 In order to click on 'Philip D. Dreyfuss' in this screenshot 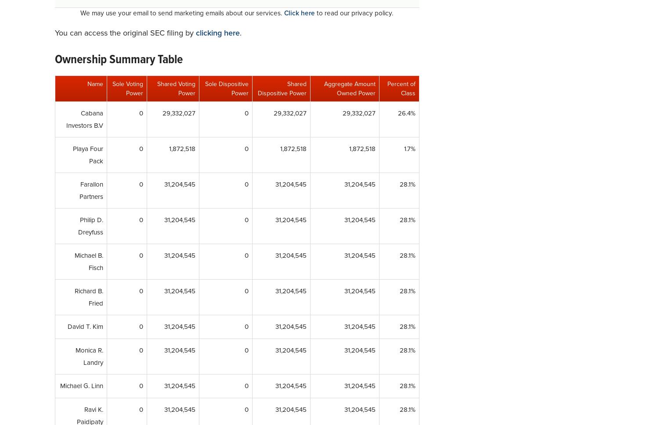, I will do `click(90, 226)`.